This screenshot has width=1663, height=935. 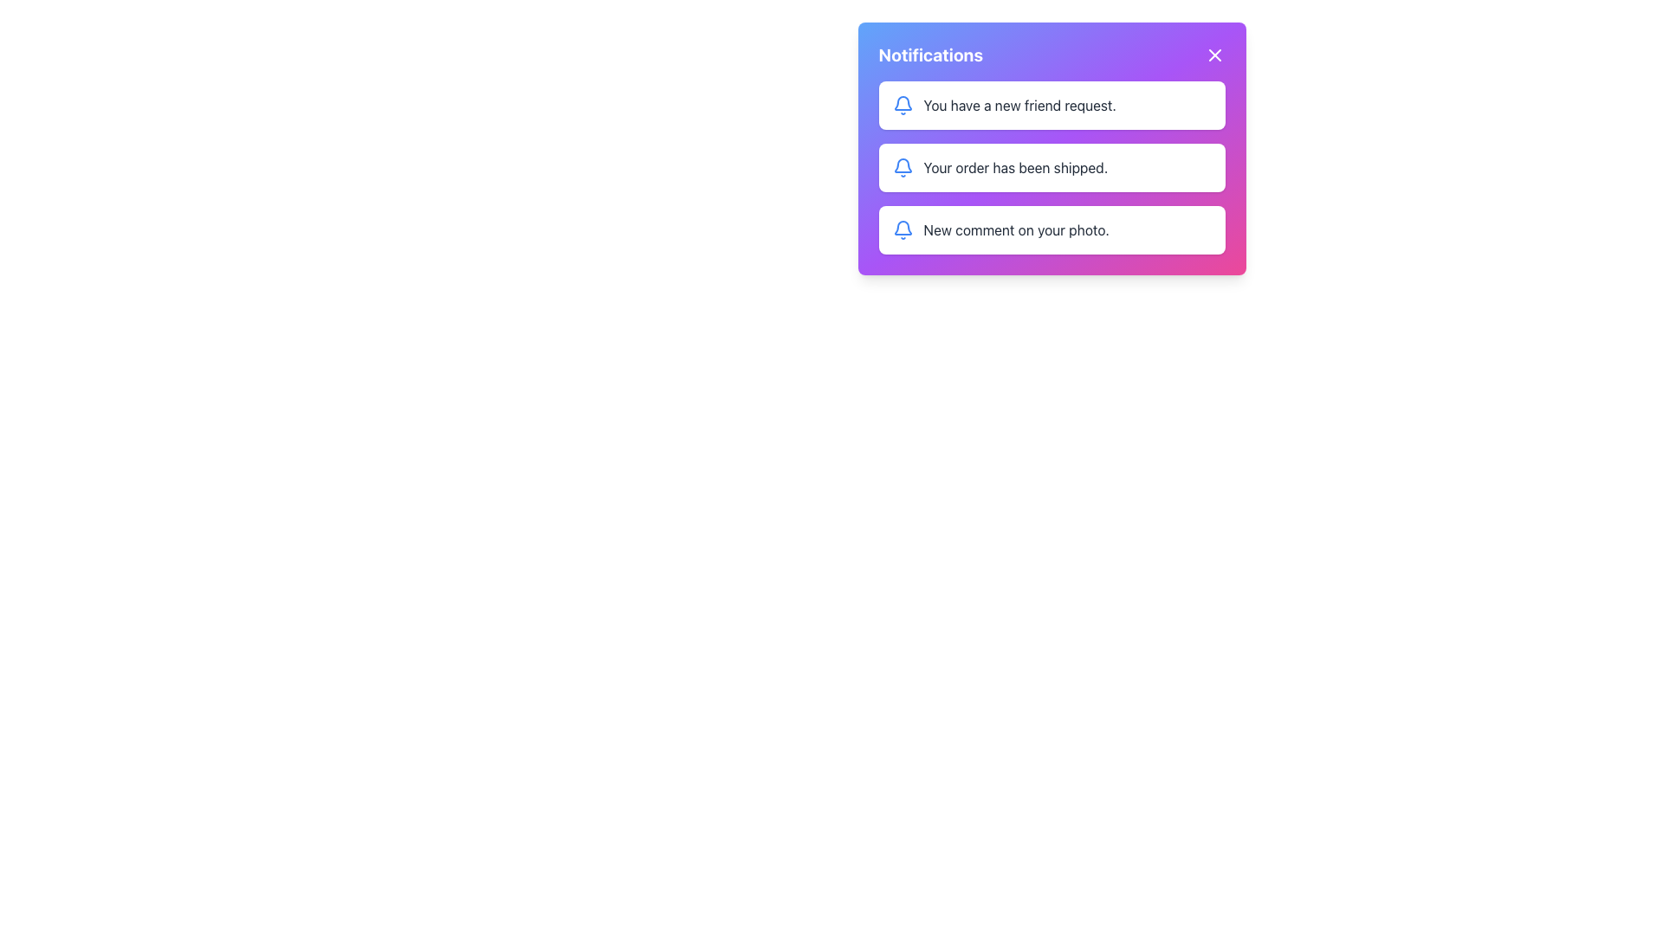 I want to click on the notification bell icon, which is the first element on each notification row, so click(x=901, y=165).